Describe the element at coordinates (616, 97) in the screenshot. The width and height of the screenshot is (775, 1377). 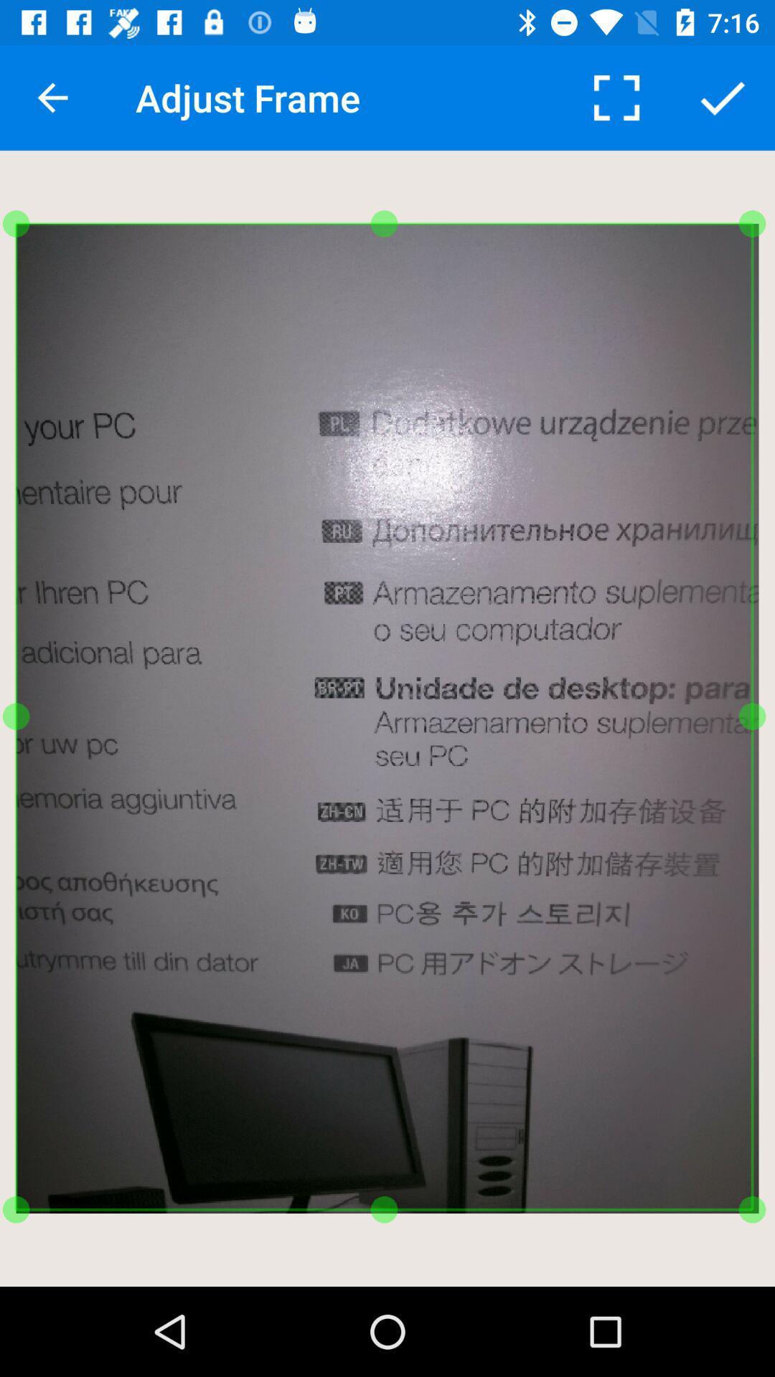
I see `the icon next to adjust frame` at that location.